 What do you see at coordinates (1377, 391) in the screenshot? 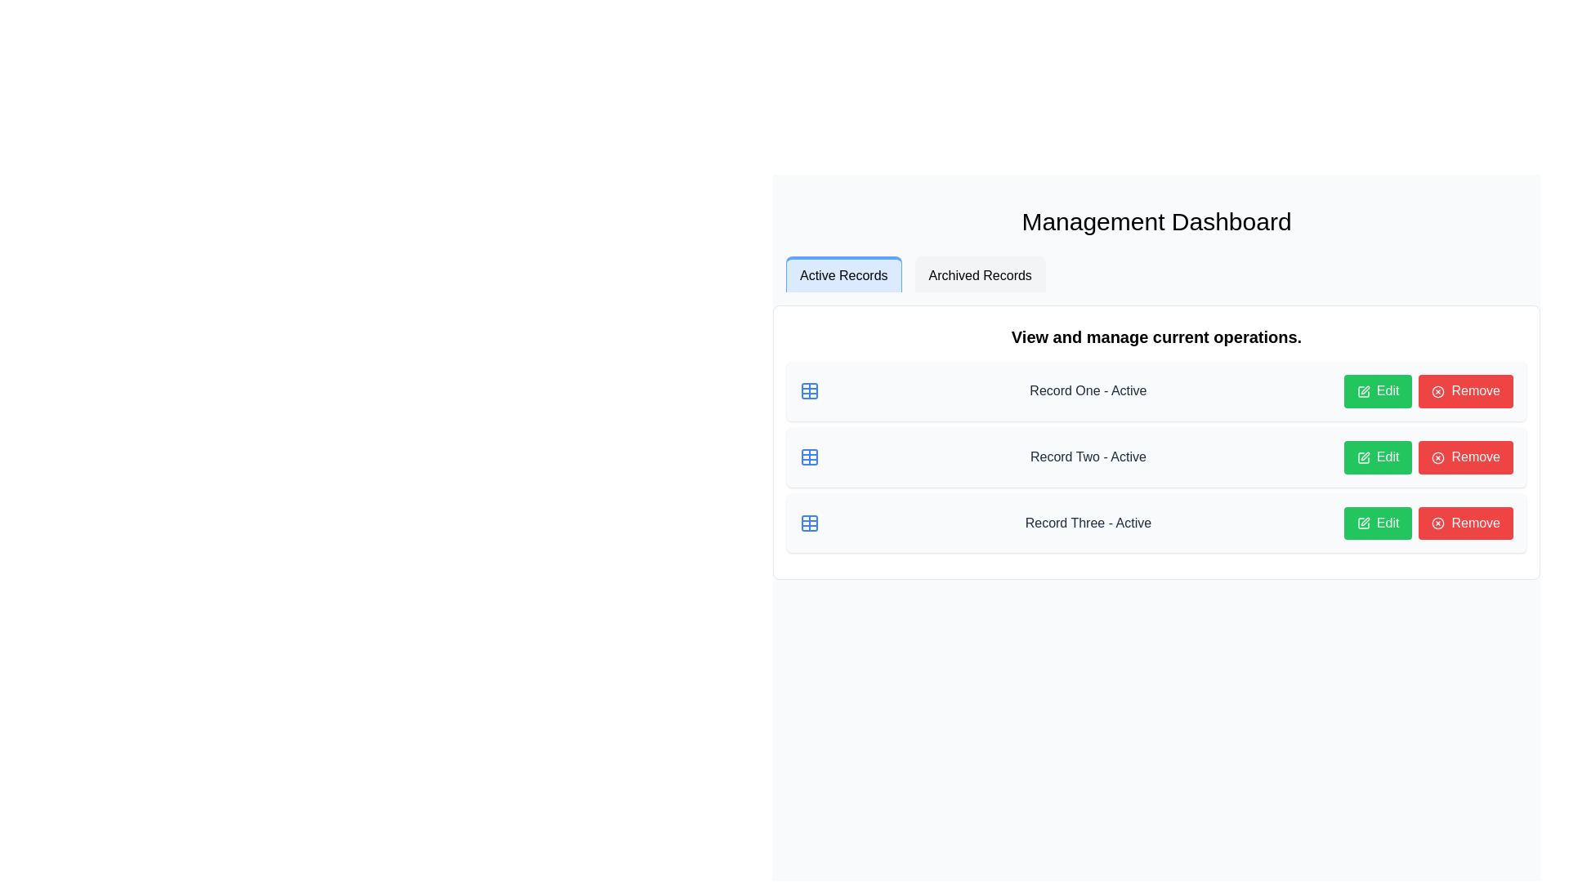
I see `the first button in the row containing 'Record One - Active' to initiate the editing process for that record` at bounding box center [1377, 391].